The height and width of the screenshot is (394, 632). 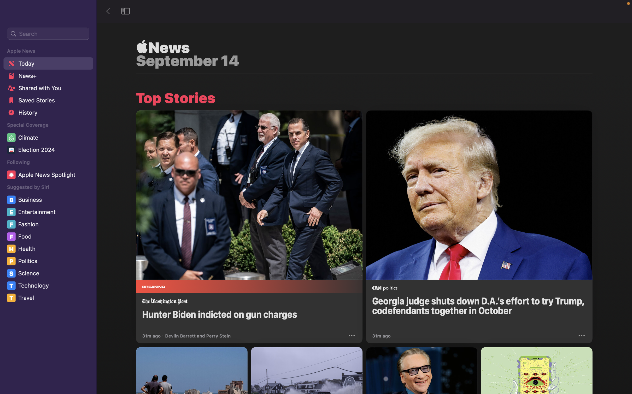 I want to click on the "Climate" section, so click(x=48, y=137).